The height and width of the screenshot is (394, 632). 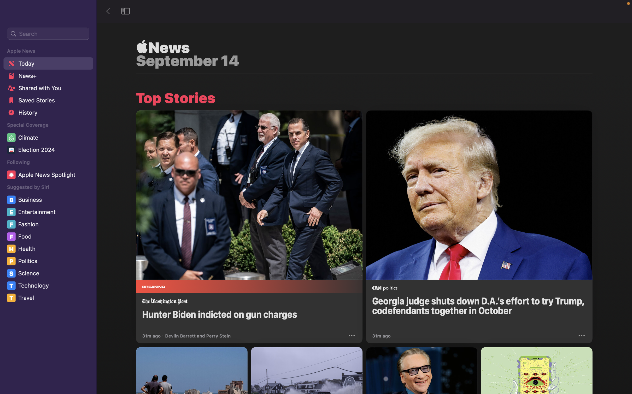 I want to click on the "Climate" section, so click(x=48, y=137).